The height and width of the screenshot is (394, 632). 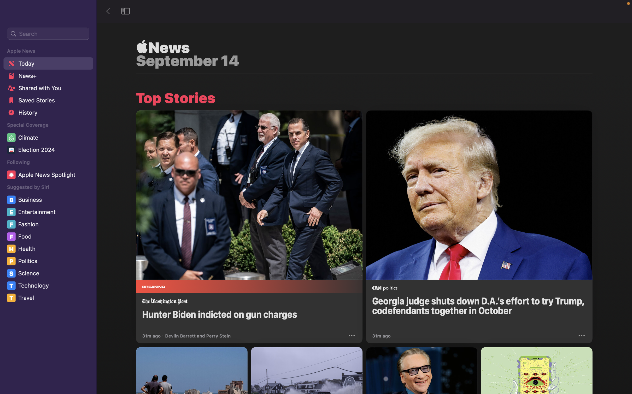 I want to click on the "Climate" section, so click(x=48, y=137).